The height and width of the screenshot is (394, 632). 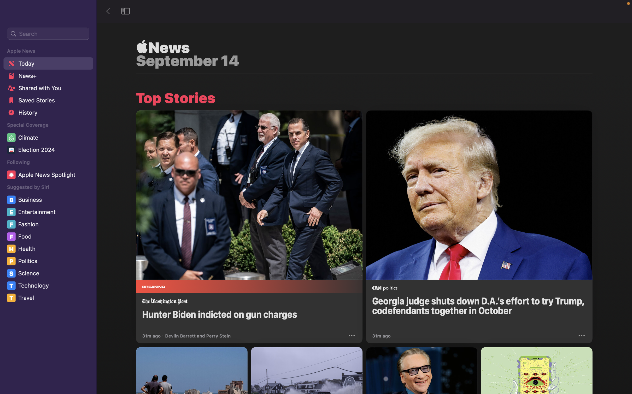 I want to click on the "Climate" section, so click(x=48, y=137).